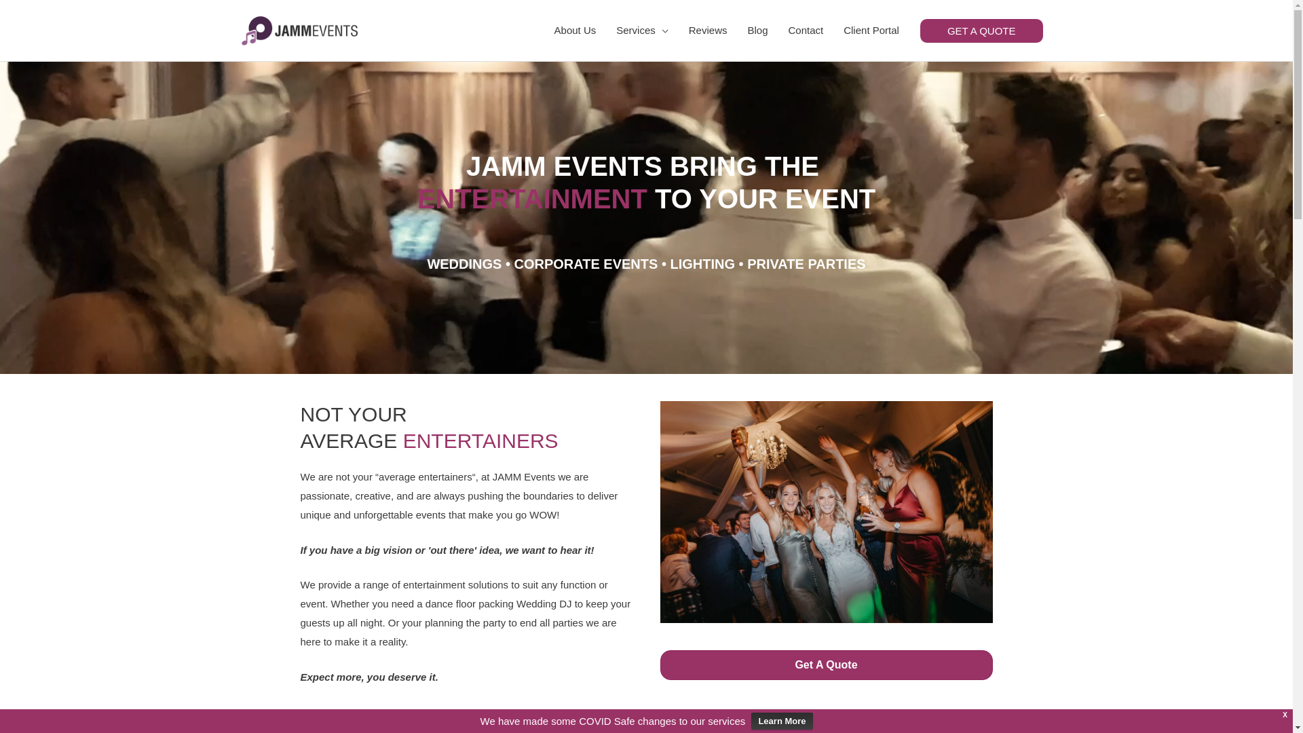  What do you see at coordinates (575, 31) in the screenshot?
I see `'About Us'` at bounding box center [575, 31].